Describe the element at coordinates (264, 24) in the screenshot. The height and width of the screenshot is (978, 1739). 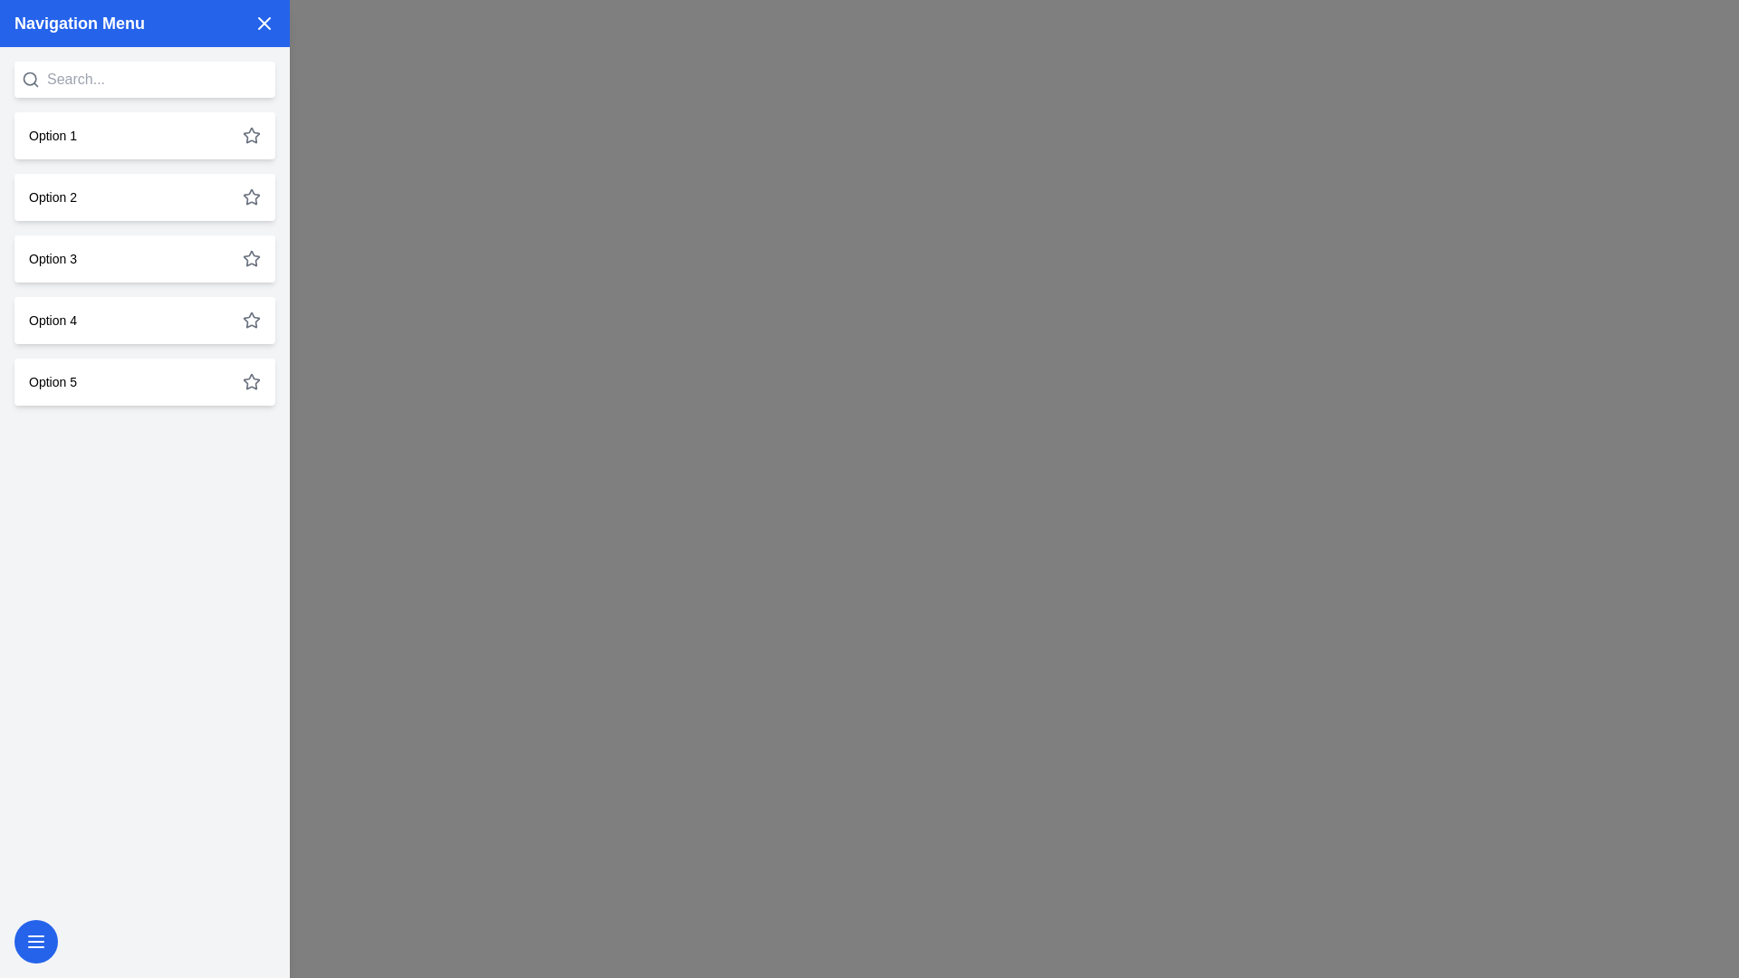
I see `the 'X' shaped close button located` at that location.